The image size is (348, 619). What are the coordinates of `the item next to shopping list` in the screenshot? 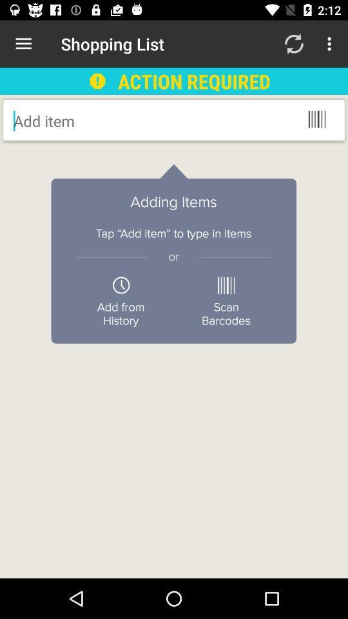 It's located at (23, 44).